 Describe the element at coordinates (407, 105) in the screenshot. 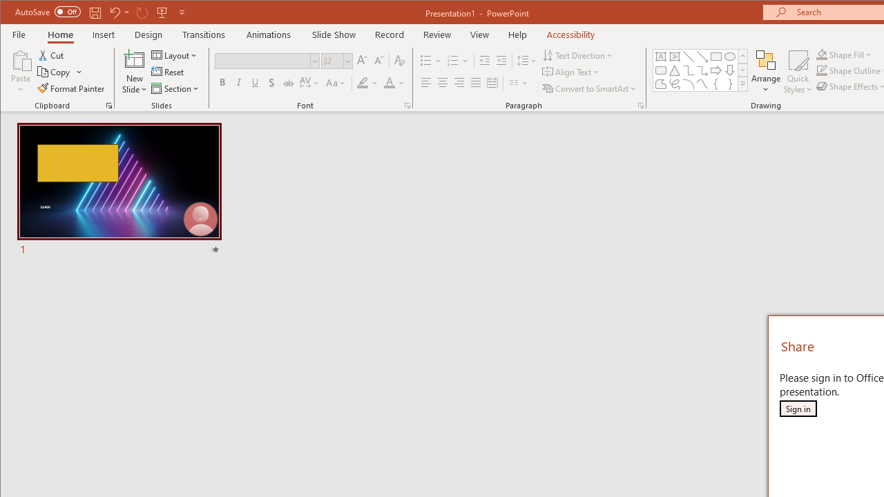

I see `'Font...'` at that location.